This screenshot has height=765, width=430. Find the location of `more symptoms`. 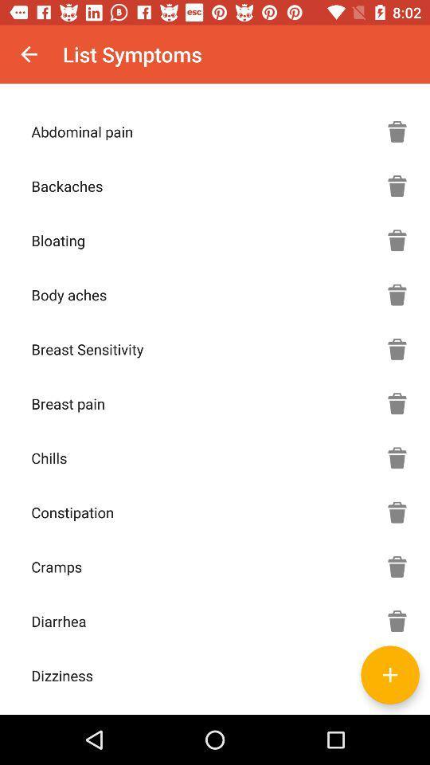

more symptoms is located at coordinates (397, 674).